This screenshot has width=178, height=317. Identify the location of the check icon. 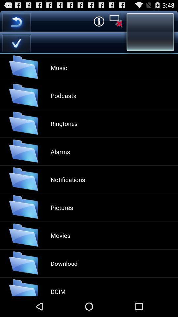
(16, 46).